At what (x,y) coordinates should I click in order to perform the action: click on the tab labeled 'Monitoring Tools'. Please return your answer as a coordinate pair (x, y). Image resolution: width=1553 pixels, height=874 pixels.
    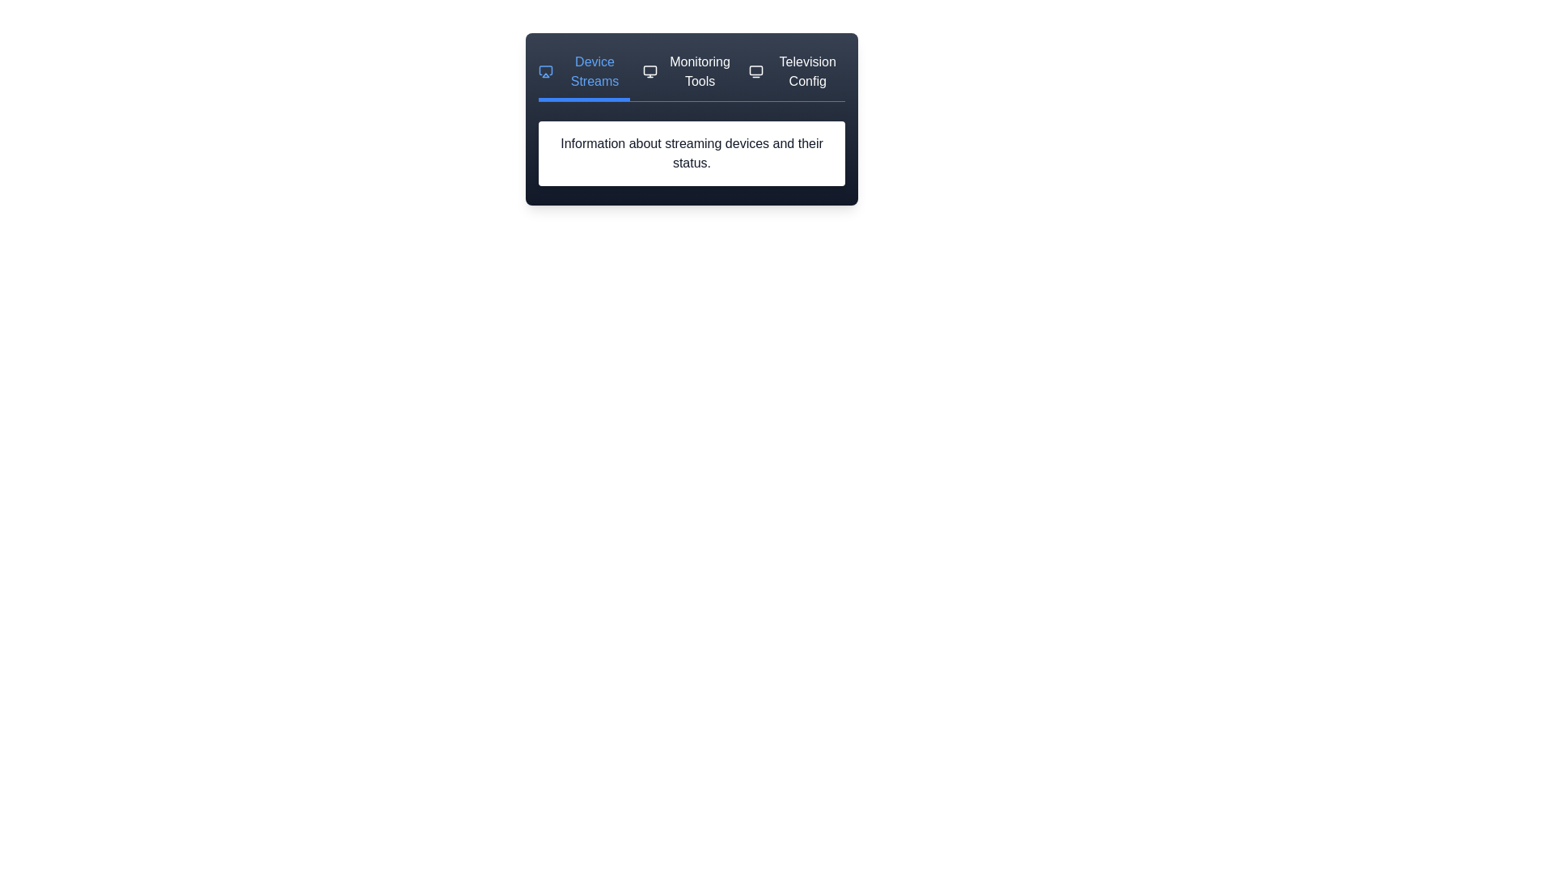
    Looking at the image, I should click on (688, 77).